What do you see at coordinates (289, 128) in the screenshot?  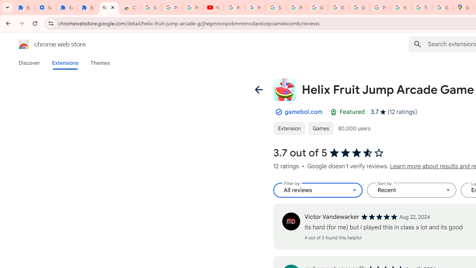 I see `'Extension'` at bounding box center [289, 128].